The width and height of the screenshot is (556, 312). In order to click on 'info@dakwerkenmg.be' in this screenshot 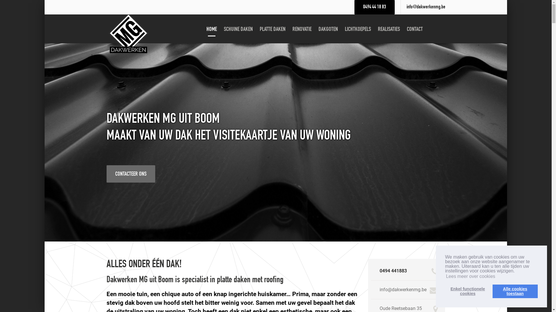, I will do `click(426, 7)`.